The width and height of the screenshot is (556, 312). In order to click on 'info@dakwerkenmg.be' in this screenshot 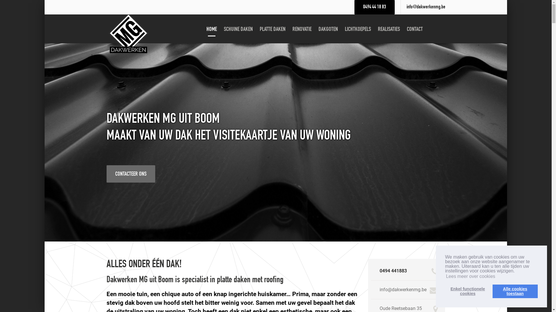, I will do `click(426, 7)`.